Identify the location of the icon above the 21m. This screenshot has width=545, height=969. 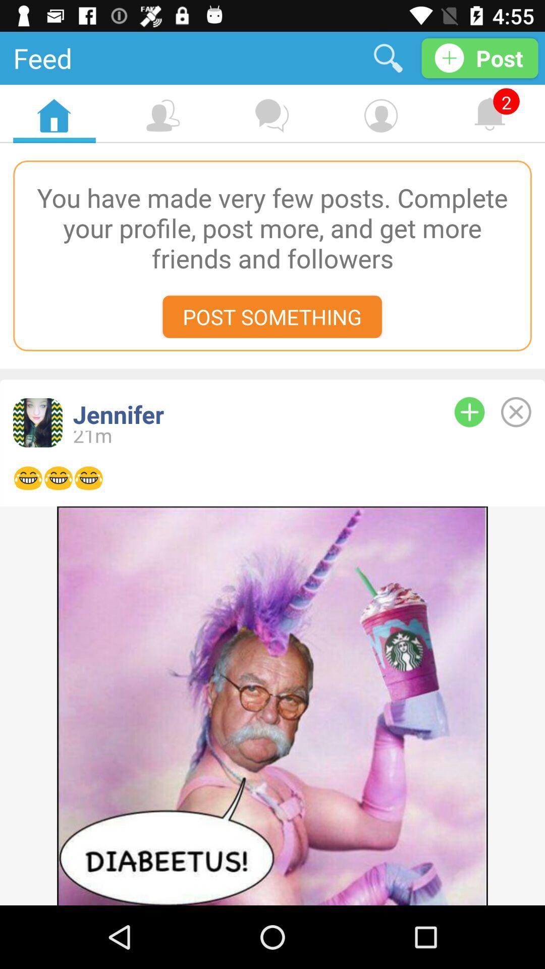
(247, 414).